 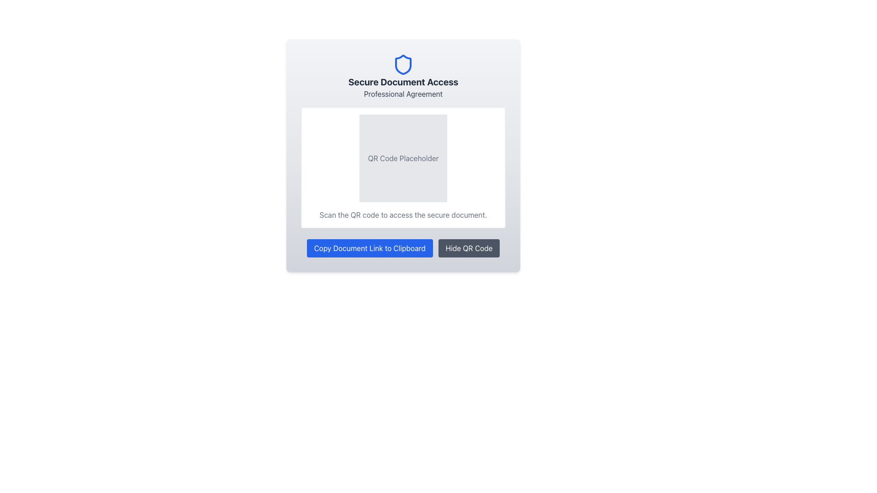 I want to click on the Textblock with an icon that displays 'Secure Document Access' and 'Professional Agreement', which features a blue shield icon above the text, so click(x=403, y=76).